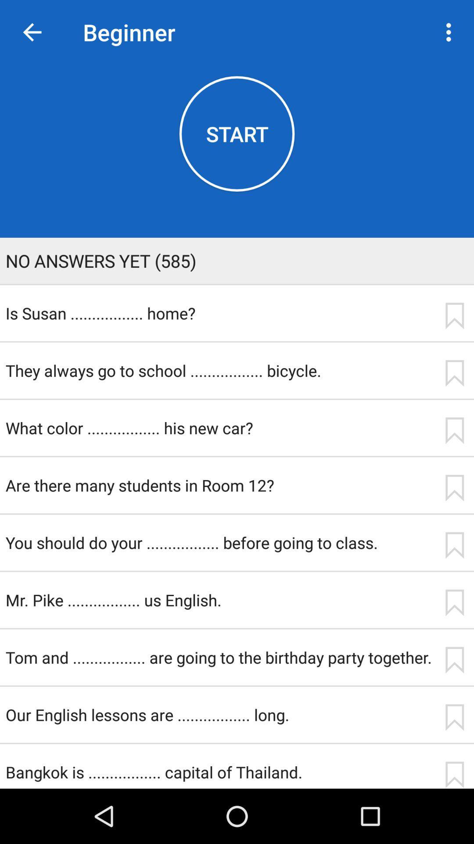 The image size is (474, 844). What do you see at coordinates (454, 545) in the screenshot?
I see `the item next to you should do icon` at bounding box center [454, 545].